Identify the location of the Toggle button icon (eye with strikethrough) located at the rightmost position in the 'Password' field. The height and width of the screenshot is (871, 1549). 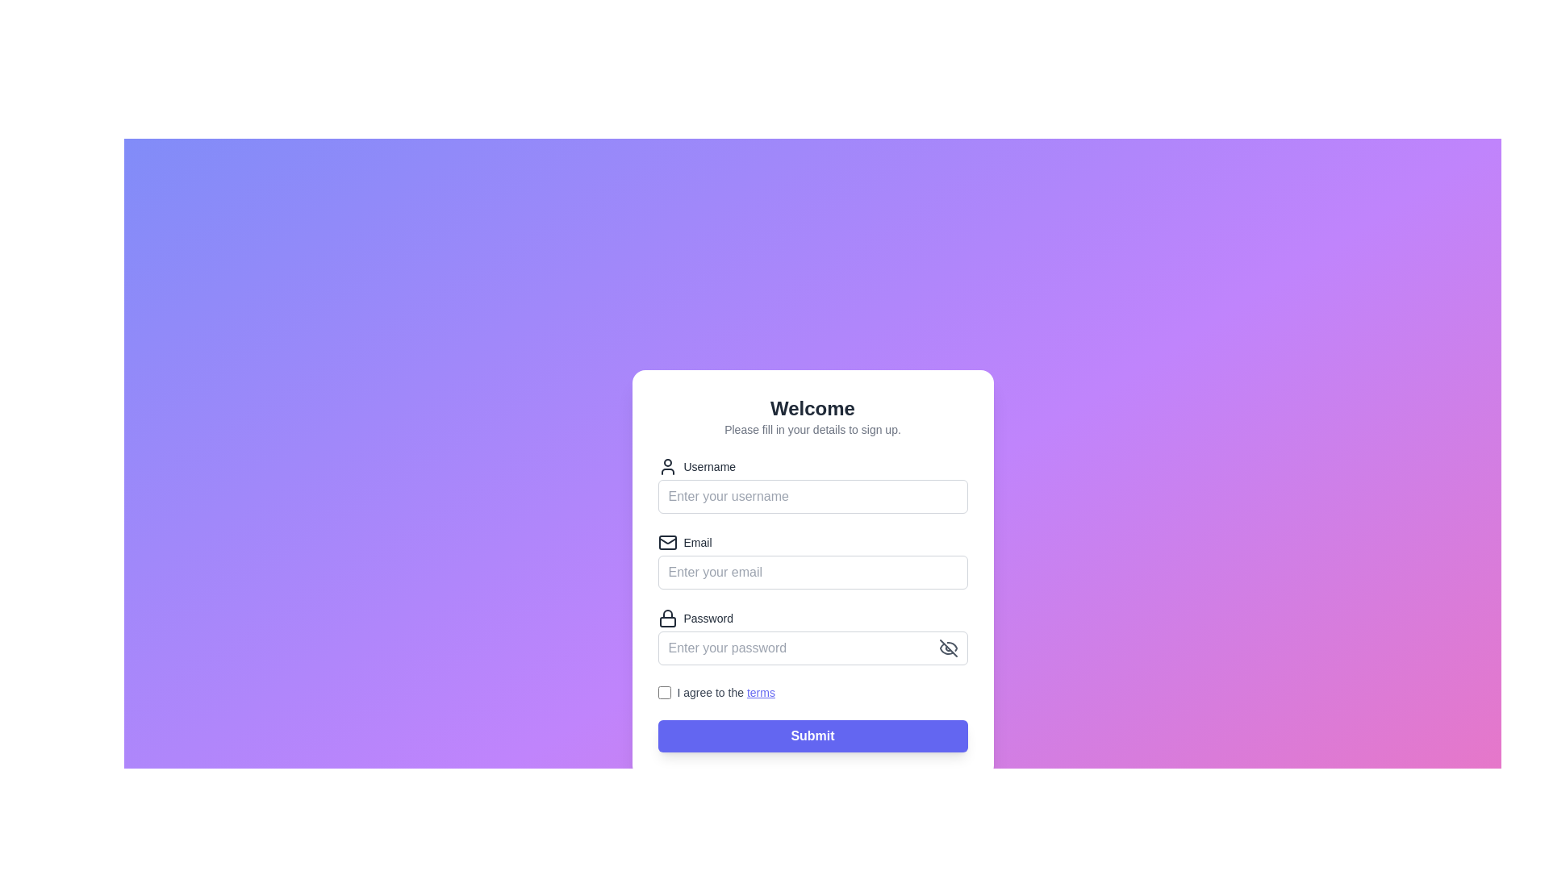
(948, 647).